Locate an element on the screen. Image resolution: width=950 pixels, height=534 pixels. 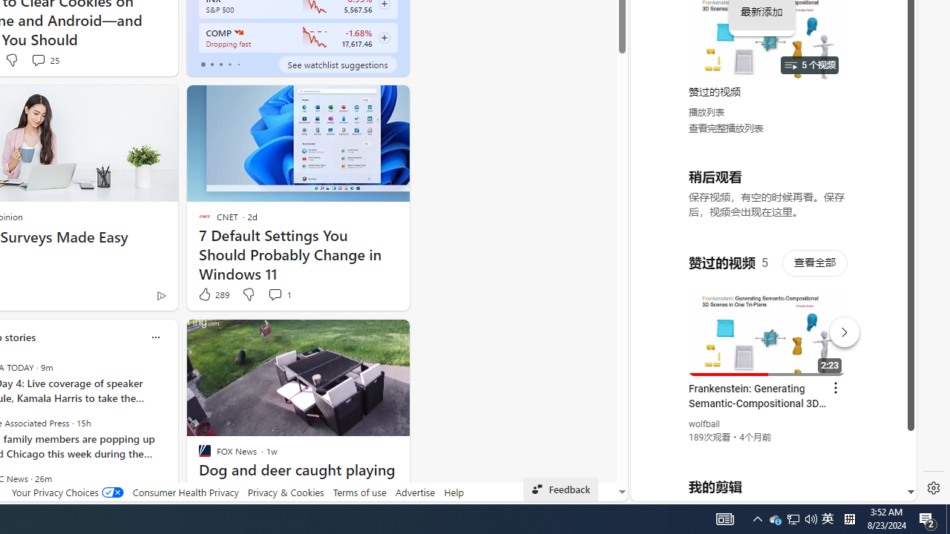
'YouTube' is located at coordinates (767, 320).